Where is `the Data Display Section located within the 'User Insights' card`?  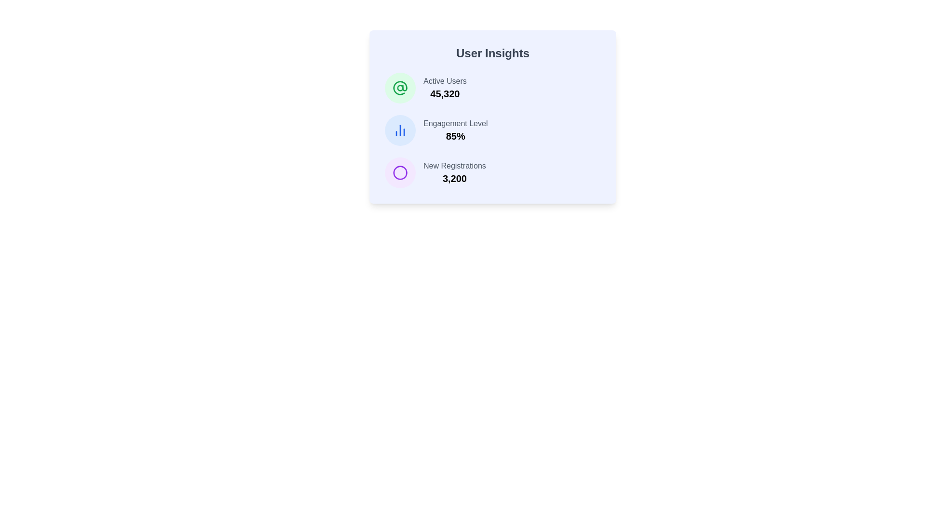 the Data Display Section located within the 'User Insights' card is located at coordinates (492, 130).